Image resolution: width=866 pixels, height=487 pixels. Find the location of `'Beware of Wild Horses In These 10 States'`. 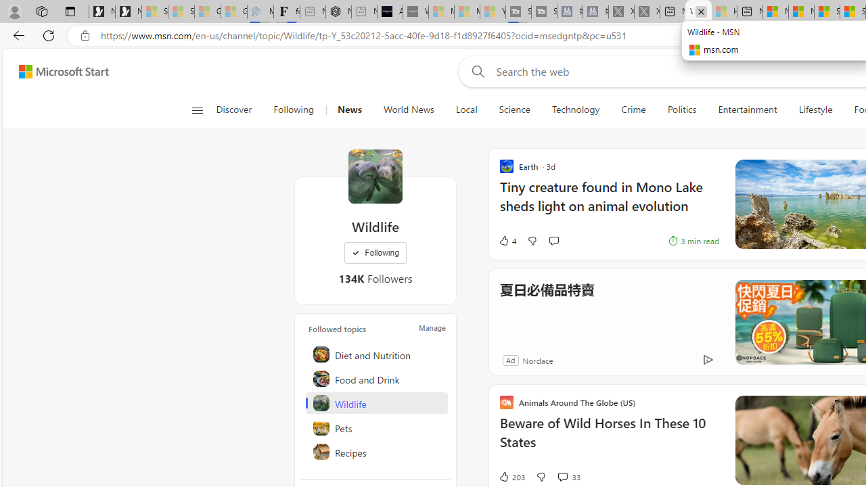

'Beware of Wild Horses In These 10 States' is located at coordinates (608, 440).